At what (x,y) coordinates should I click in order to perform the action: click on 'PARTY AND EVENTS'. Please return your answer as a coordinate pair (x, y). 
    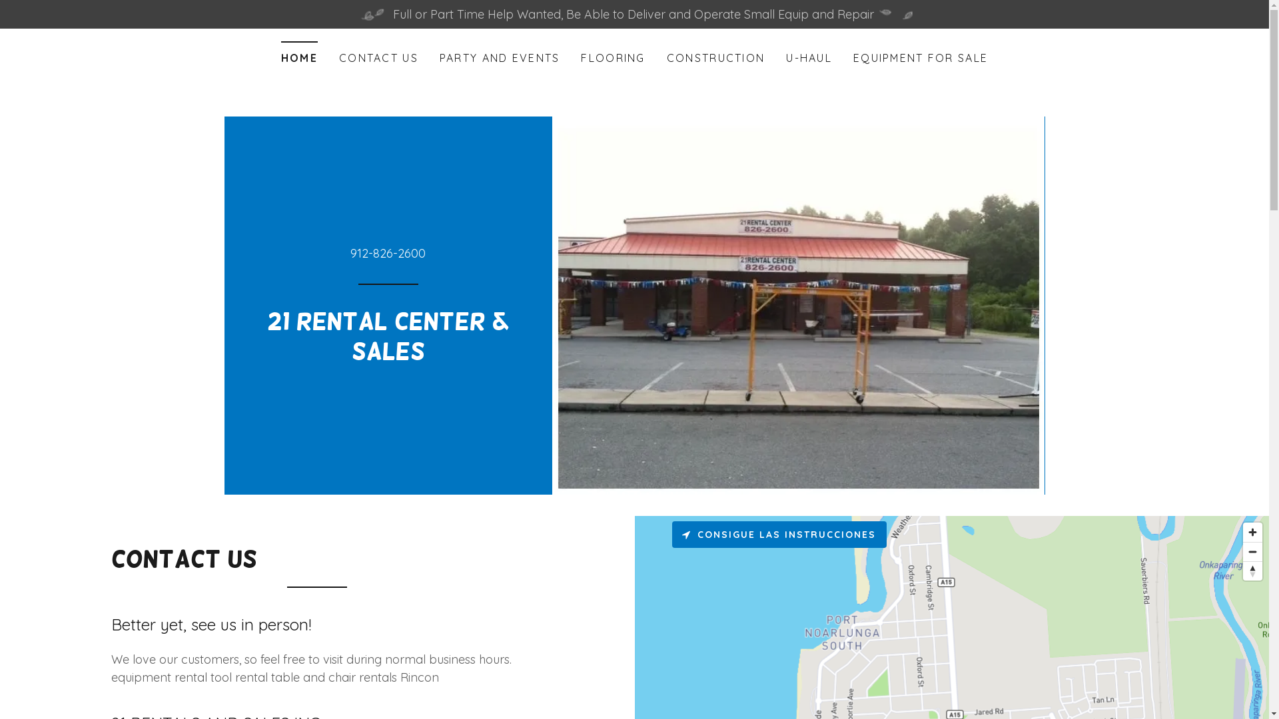
    Looking at the image, I should click on (499, 57).